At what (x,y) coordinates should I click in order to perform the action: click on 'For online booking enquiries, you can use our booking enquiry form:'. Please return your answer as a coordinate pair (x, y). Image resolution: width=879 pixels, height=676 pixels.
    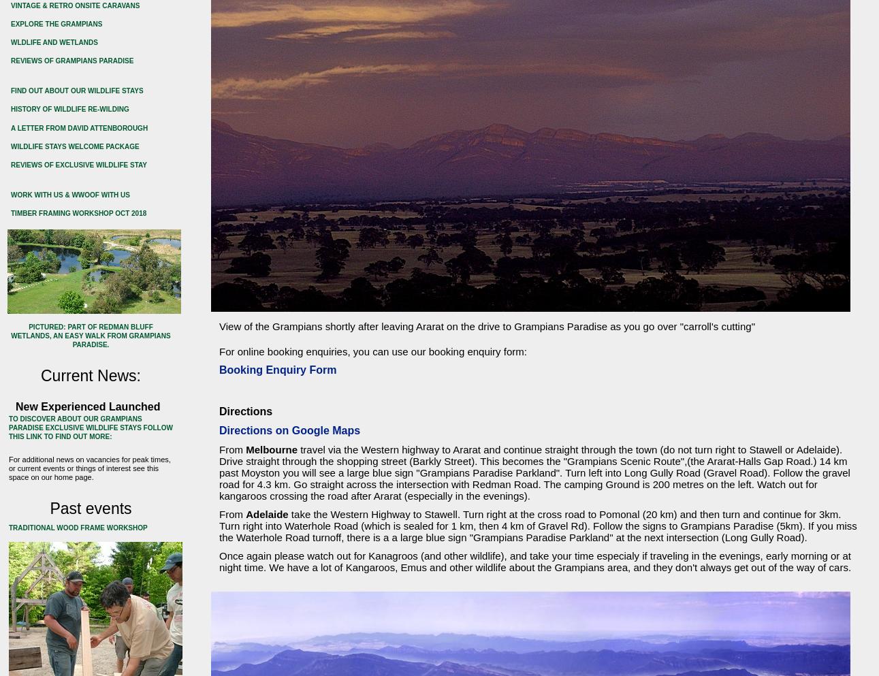
    Looking at the image, I should click on (372, 351).